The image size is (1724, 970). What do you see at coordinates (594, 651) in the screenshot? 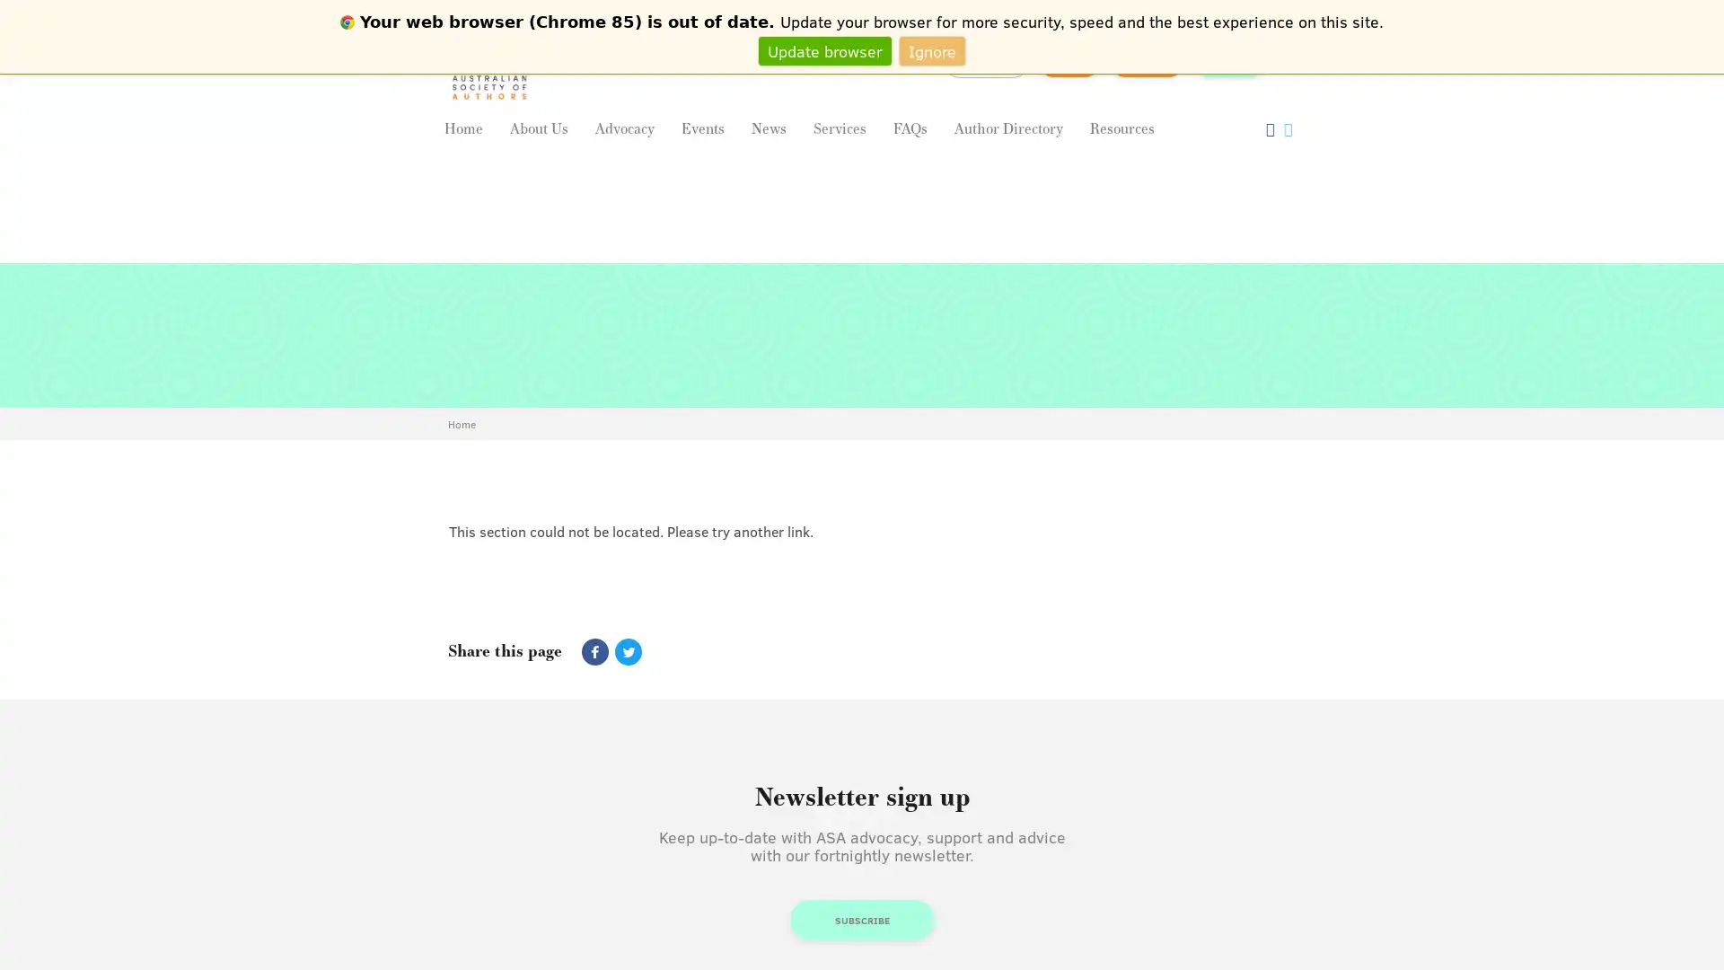
I see `Share to Facebook` at bounding box center [594, 651].